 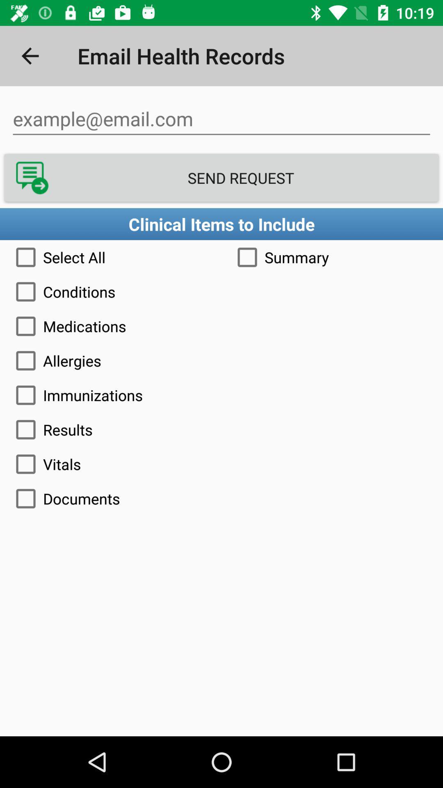 What do you see at coordinates (221, 395) in the screenshot?
I see `the icon below allergies item` at bounding box center [221, 395].